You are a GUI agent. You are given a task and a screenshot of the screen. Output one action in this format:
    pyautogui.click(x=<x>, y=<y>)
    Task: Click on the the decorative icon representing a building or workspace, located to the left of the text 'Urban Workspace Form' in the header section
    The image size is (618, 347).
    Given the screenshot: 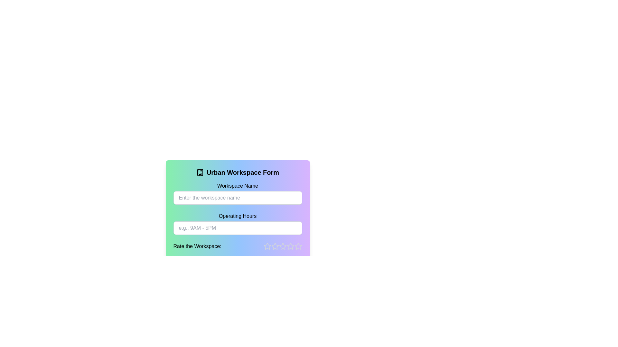 What is the action you would take?
    pyautogui.click(x=200, y=172)
    